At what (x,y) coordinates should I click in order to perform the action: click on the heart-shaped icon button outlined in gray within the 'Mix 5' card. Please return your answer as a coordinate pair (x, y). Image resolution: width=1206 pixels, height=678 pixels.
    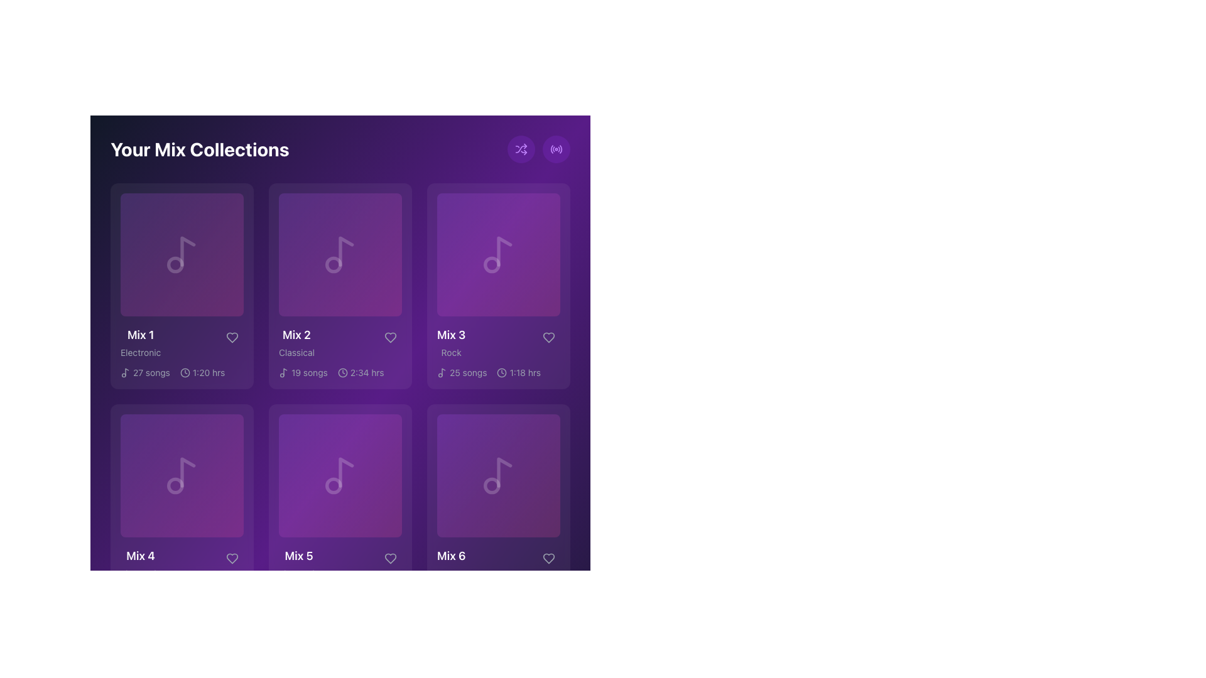
    Looking at the image, I should click on (390, 558).